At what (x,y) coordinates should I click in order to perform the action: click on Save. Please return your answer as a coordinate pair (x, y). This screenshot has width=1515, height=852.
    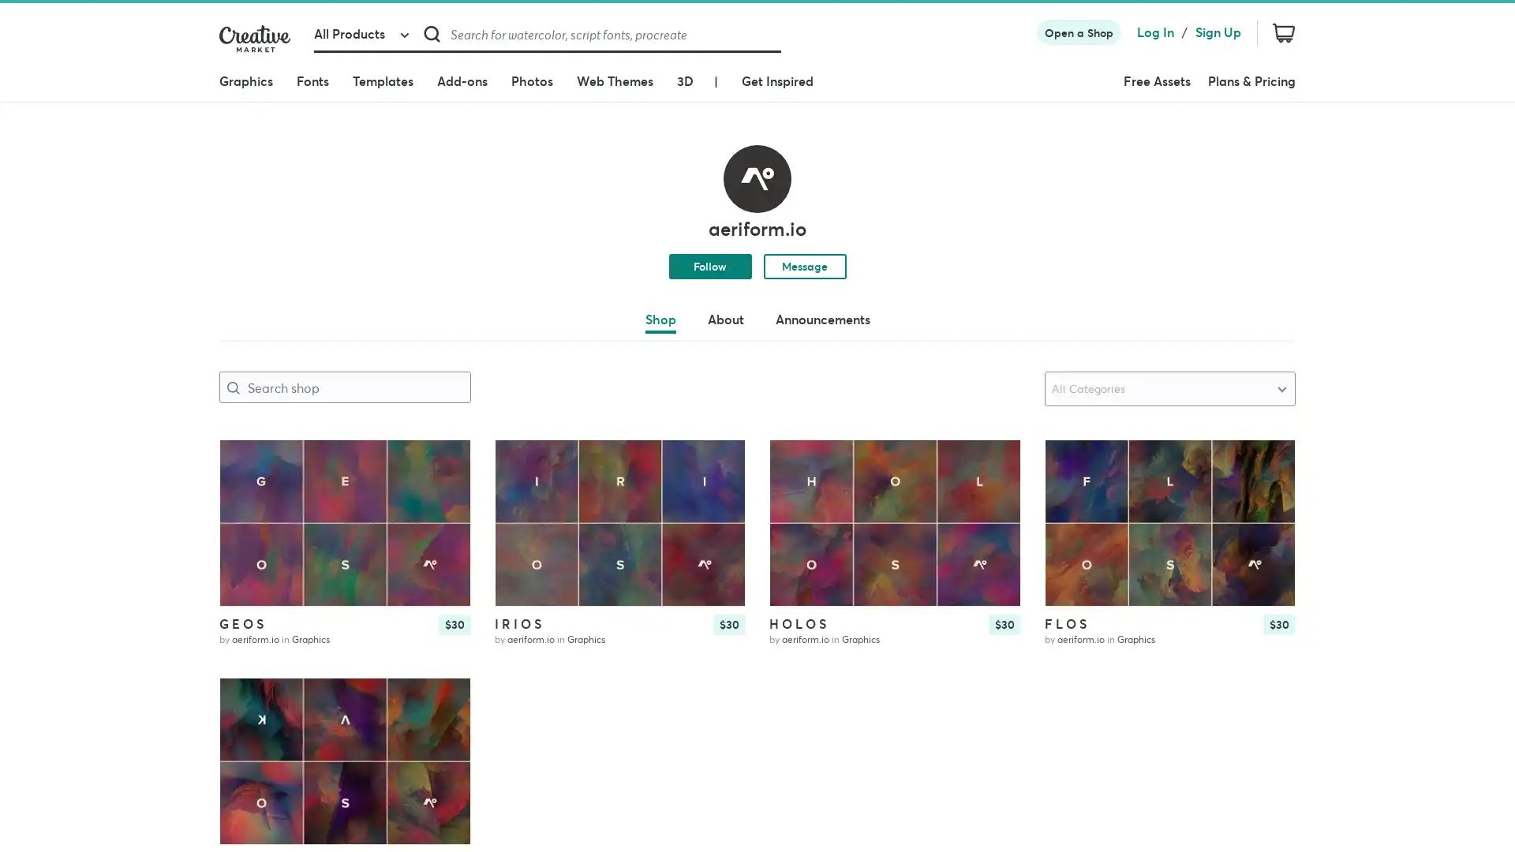
    Looking at the image, I should click on (443, 727).